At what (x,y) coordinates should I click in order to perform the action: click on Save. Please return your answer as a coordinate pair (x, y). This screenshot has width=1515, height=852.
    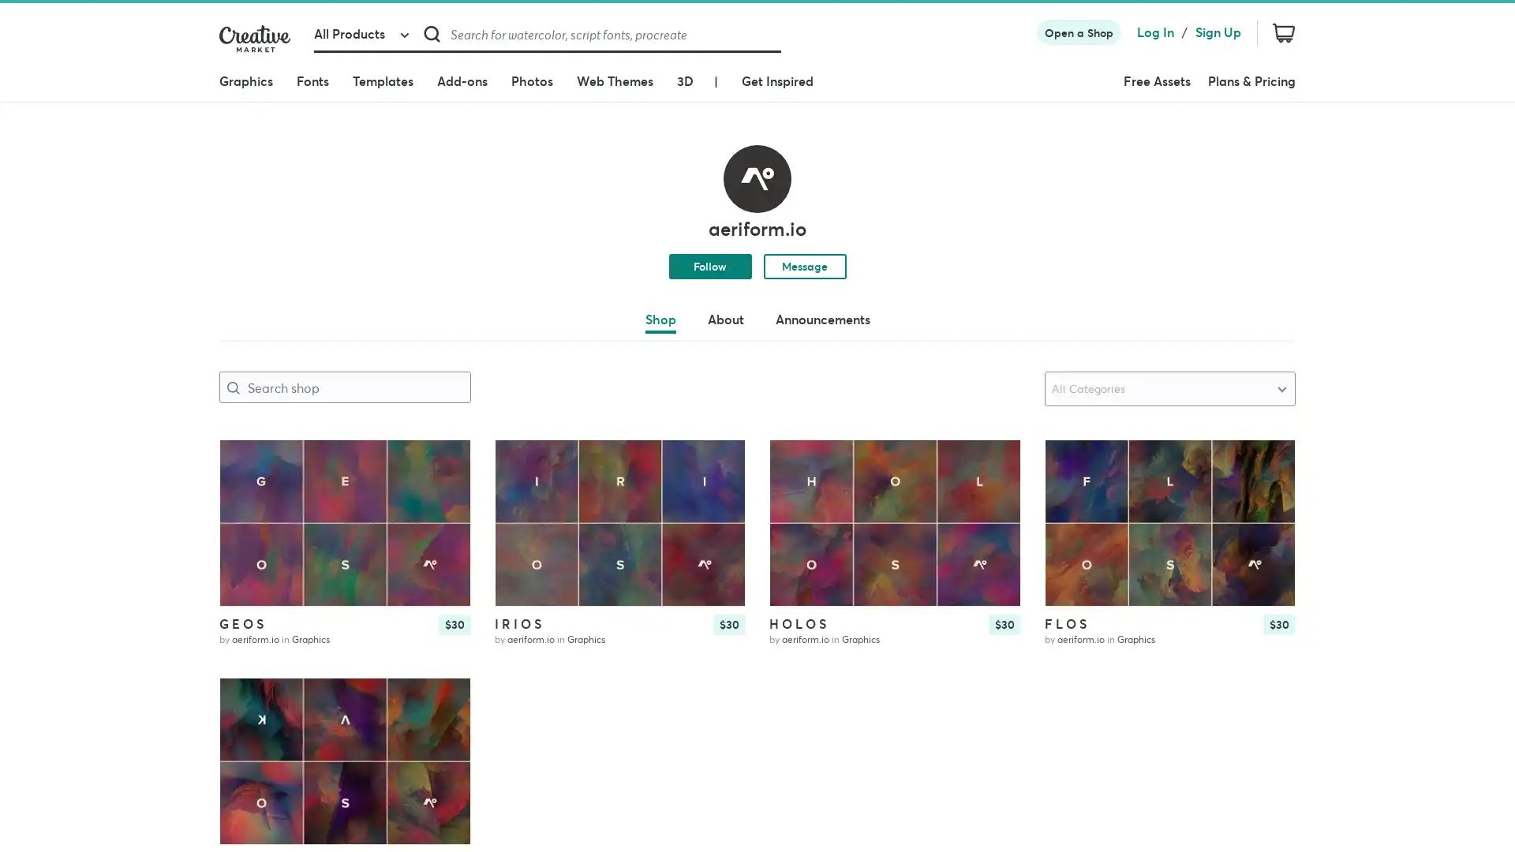
    Looking at the image, I should click on (443, 727).